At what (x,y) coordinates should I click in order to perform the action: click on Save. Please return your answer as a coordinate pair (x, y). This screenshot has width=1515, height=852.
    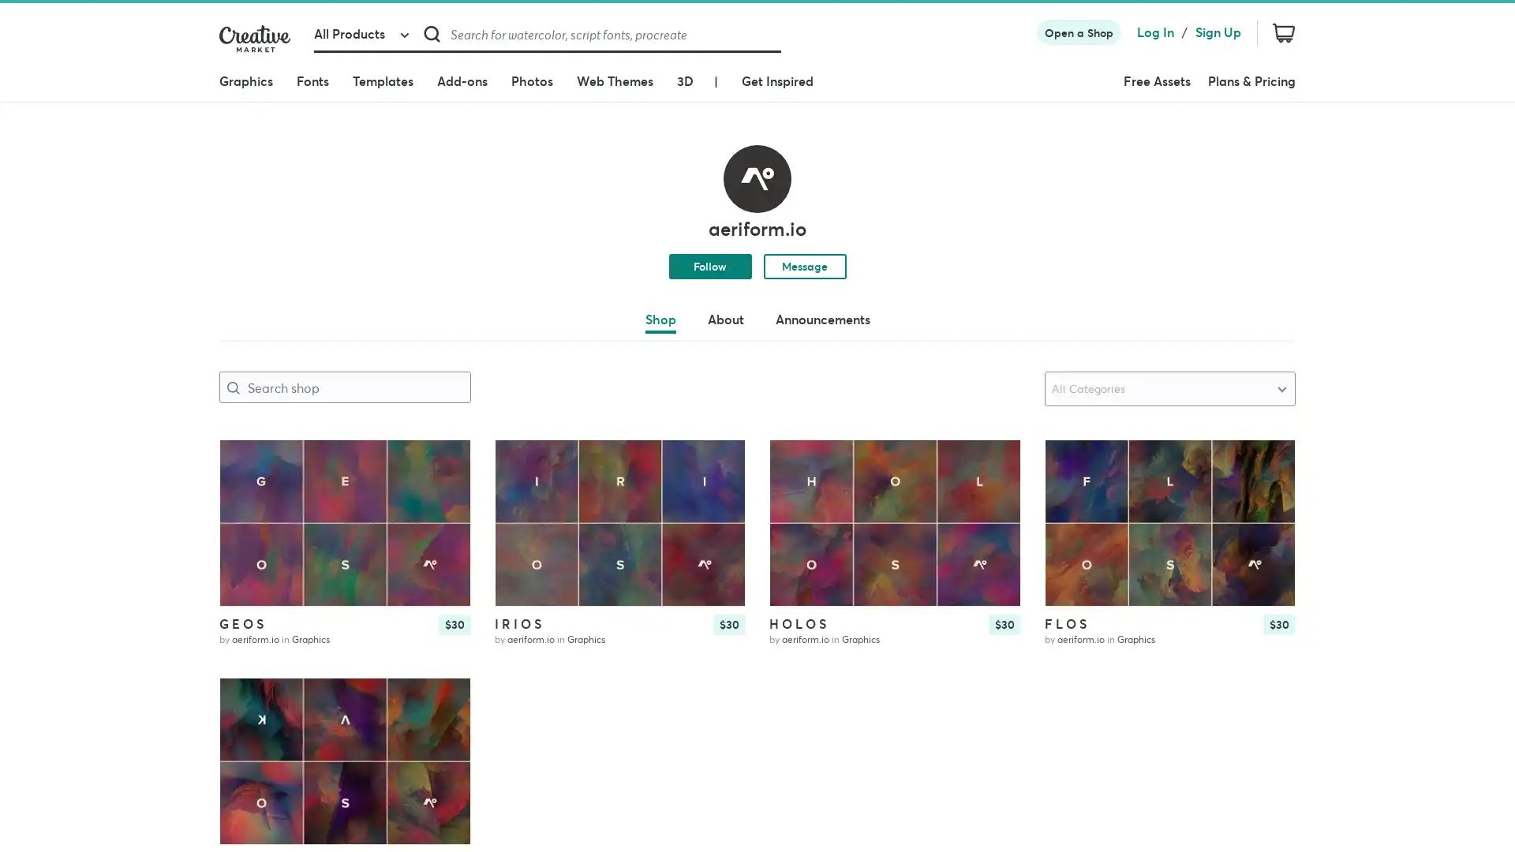
    Looking at the image, I should click on (443, 727).